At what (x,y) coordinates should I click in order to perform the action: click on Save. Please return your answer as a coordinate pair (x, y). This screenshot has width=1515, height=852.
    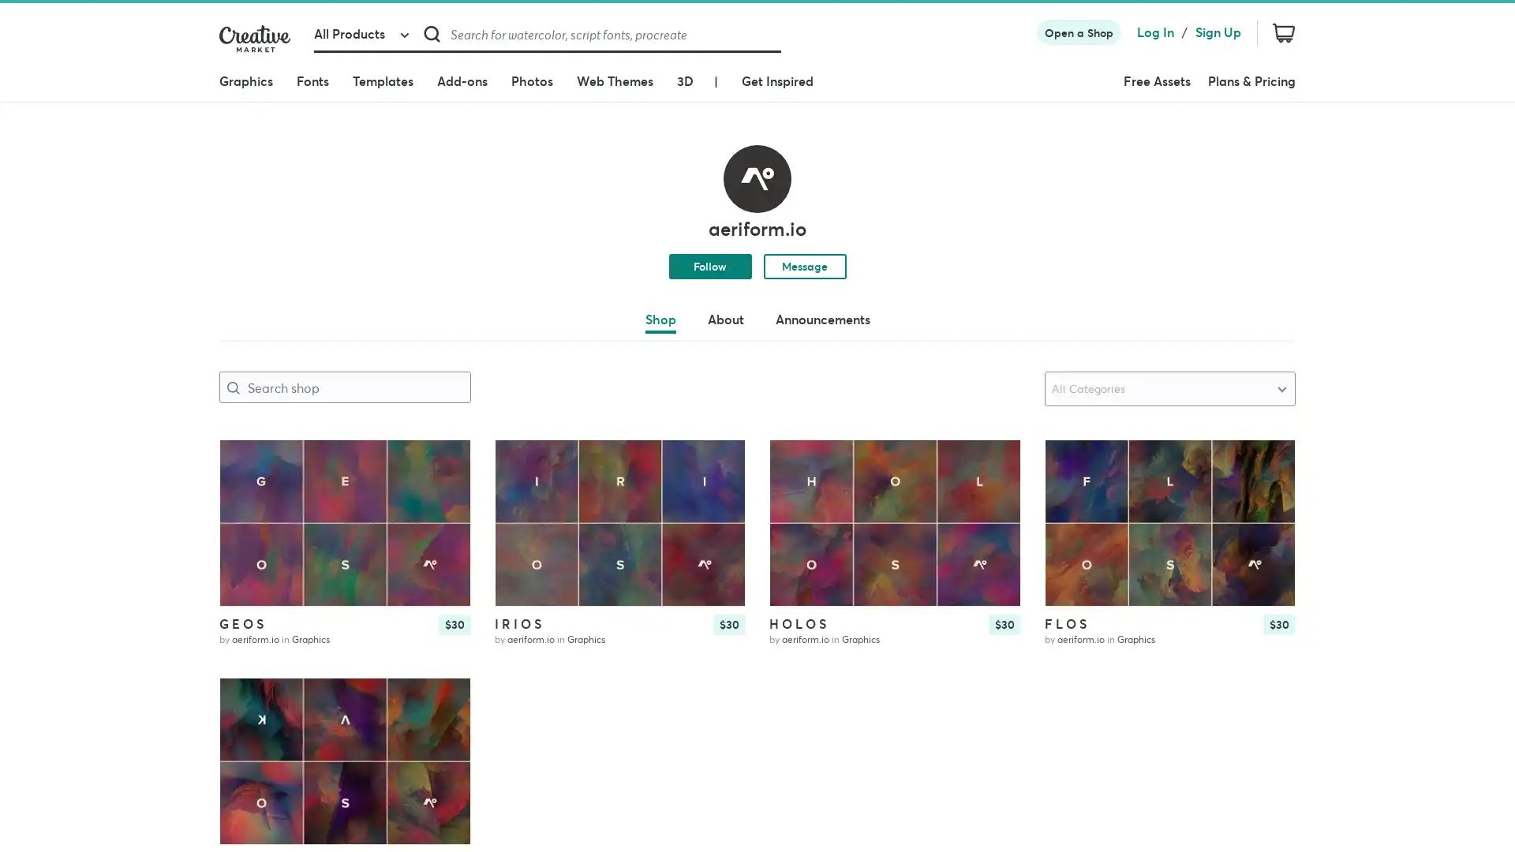
    Looking at the image, I should click on (443, 727).